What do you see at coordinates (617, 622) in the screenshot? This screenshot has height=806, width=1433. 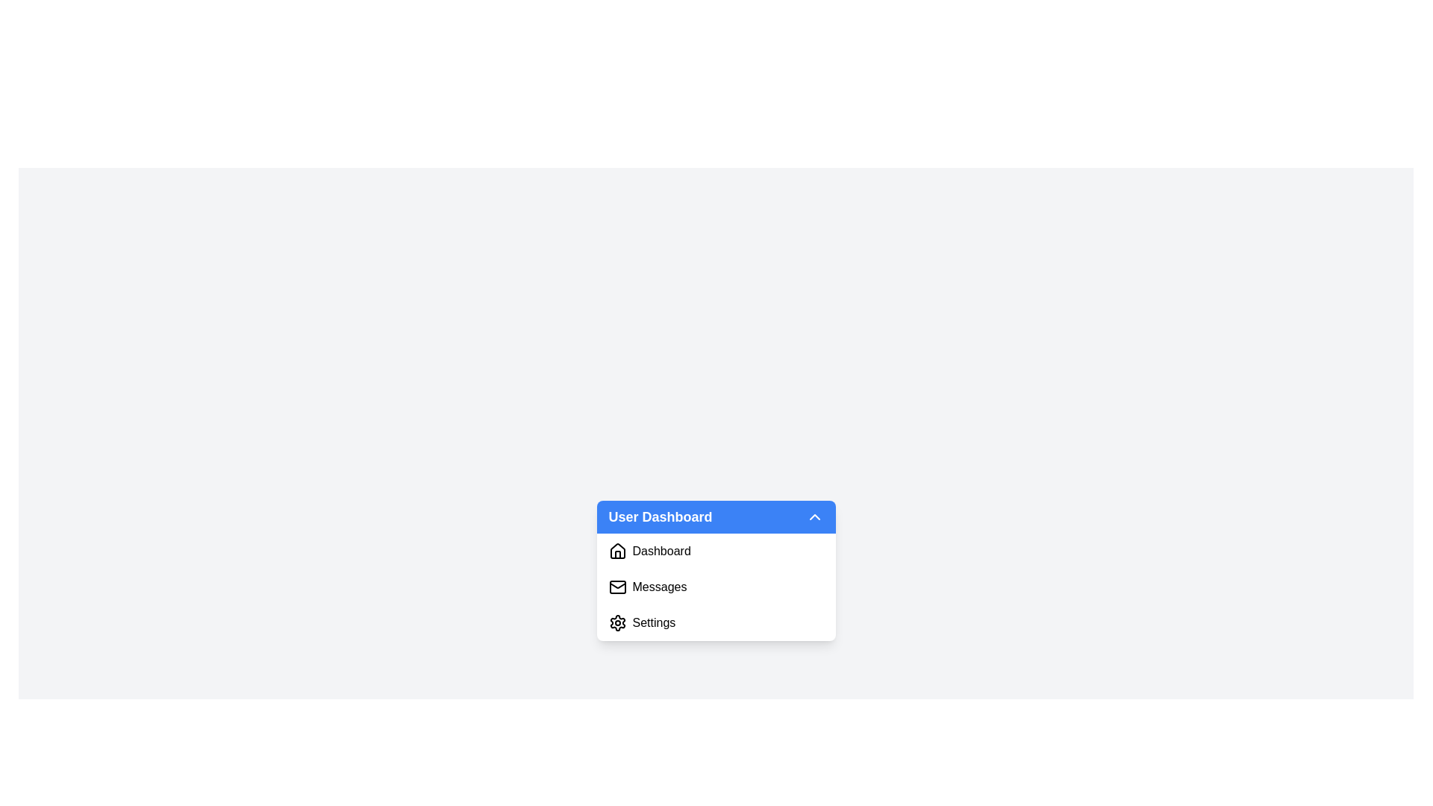 I see `the decorative 'Settings' icon that visually represents the concept of 'Settings' and is located next to the 'Settings' label in the menu` at bounding box center [617, 622].